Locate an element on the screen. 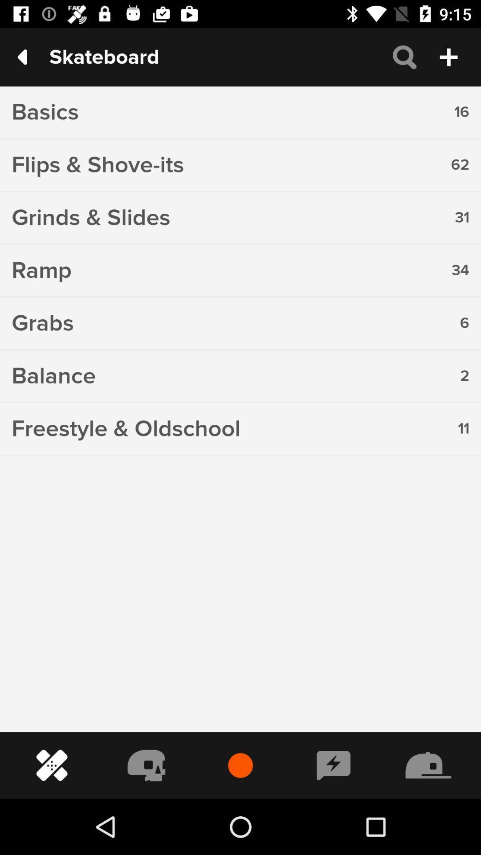 The height and width of the screenshot is (855, 481). the add icon is located at coordinates (448, 57).